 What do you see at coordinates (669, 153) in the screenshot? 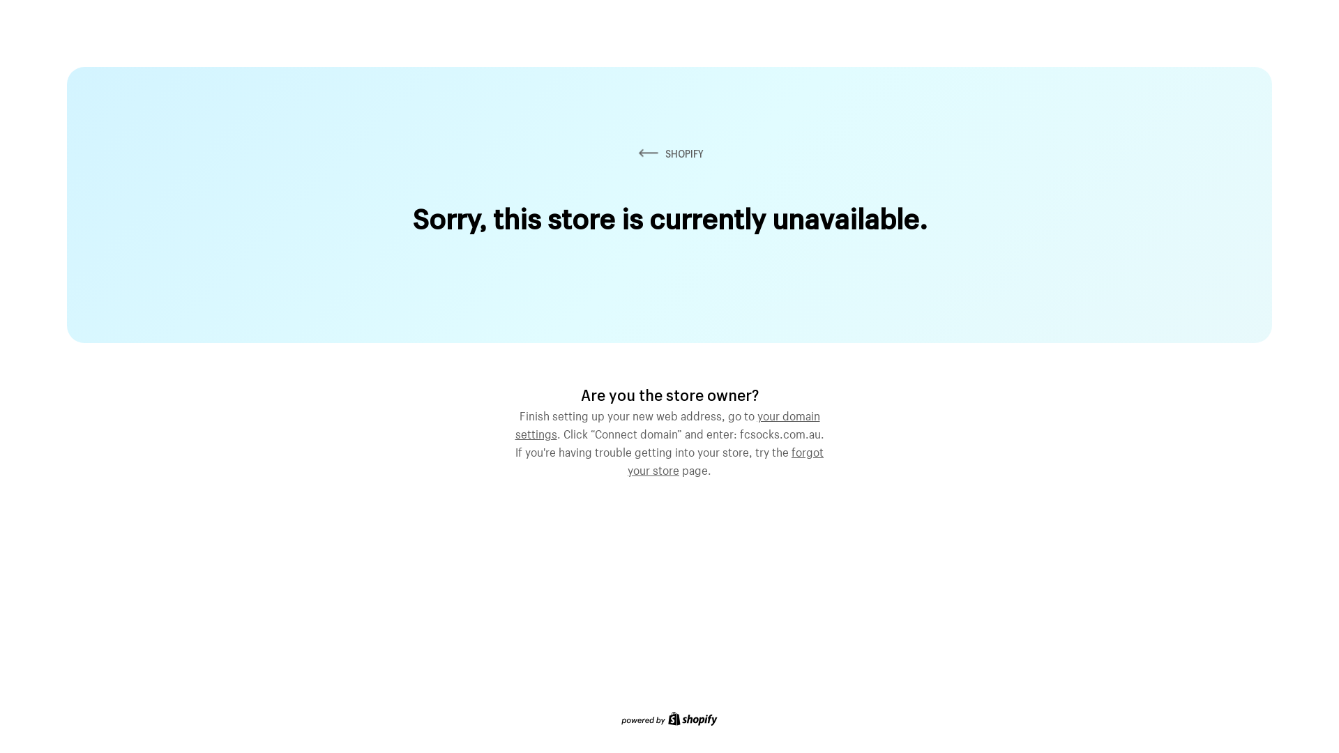
I see `'SHOPIFY'` at bounding box center [669, 153].